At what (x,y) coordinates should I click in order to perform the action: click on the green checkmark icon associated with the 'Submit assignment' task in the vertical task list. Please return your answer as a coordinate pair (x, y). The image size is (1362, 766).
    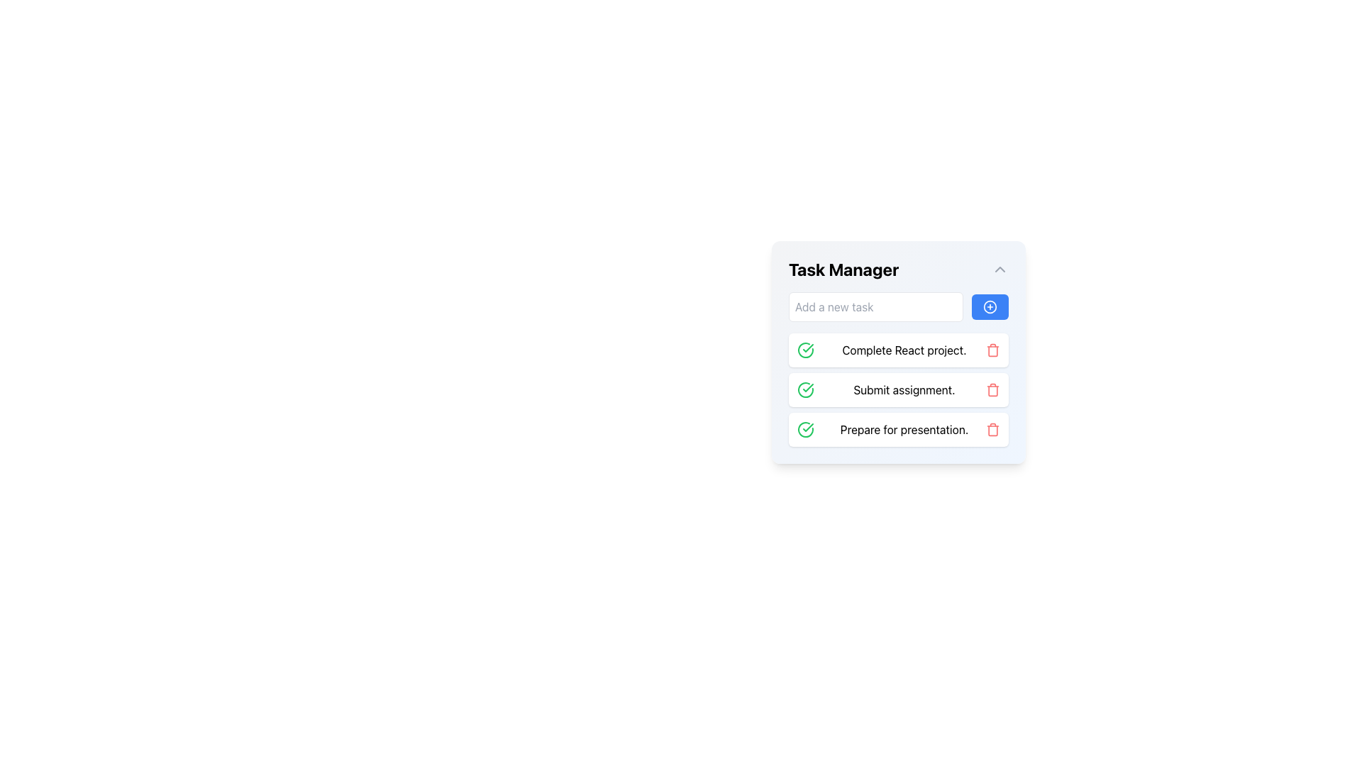
    Looking at the image, I should click on (806, 390).